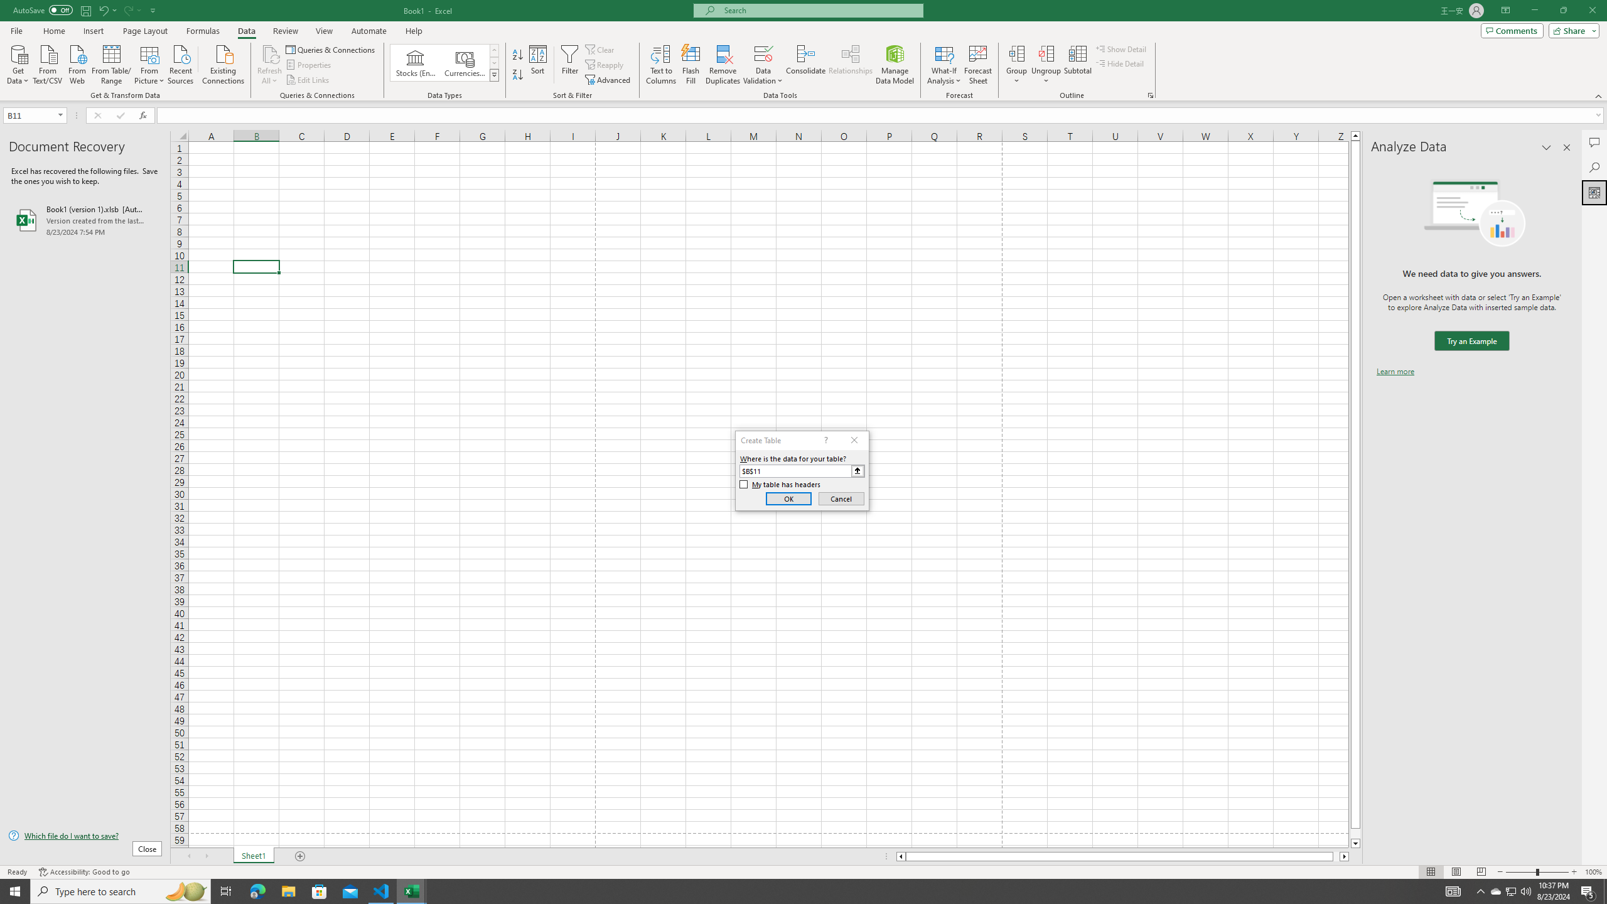  Describe the element at coordinates (1594, 168) in the screenshot. I see `'Search'` at that location.